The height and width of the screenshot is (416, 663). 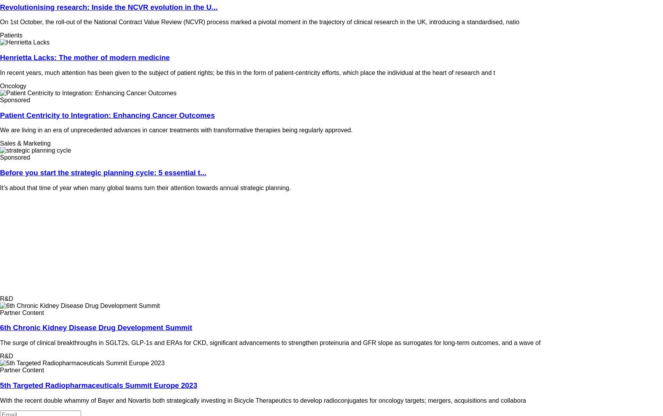 I want to click on 'Before you start the strategic planning cycle: 5 essential t...', so click(x=0, y=172).